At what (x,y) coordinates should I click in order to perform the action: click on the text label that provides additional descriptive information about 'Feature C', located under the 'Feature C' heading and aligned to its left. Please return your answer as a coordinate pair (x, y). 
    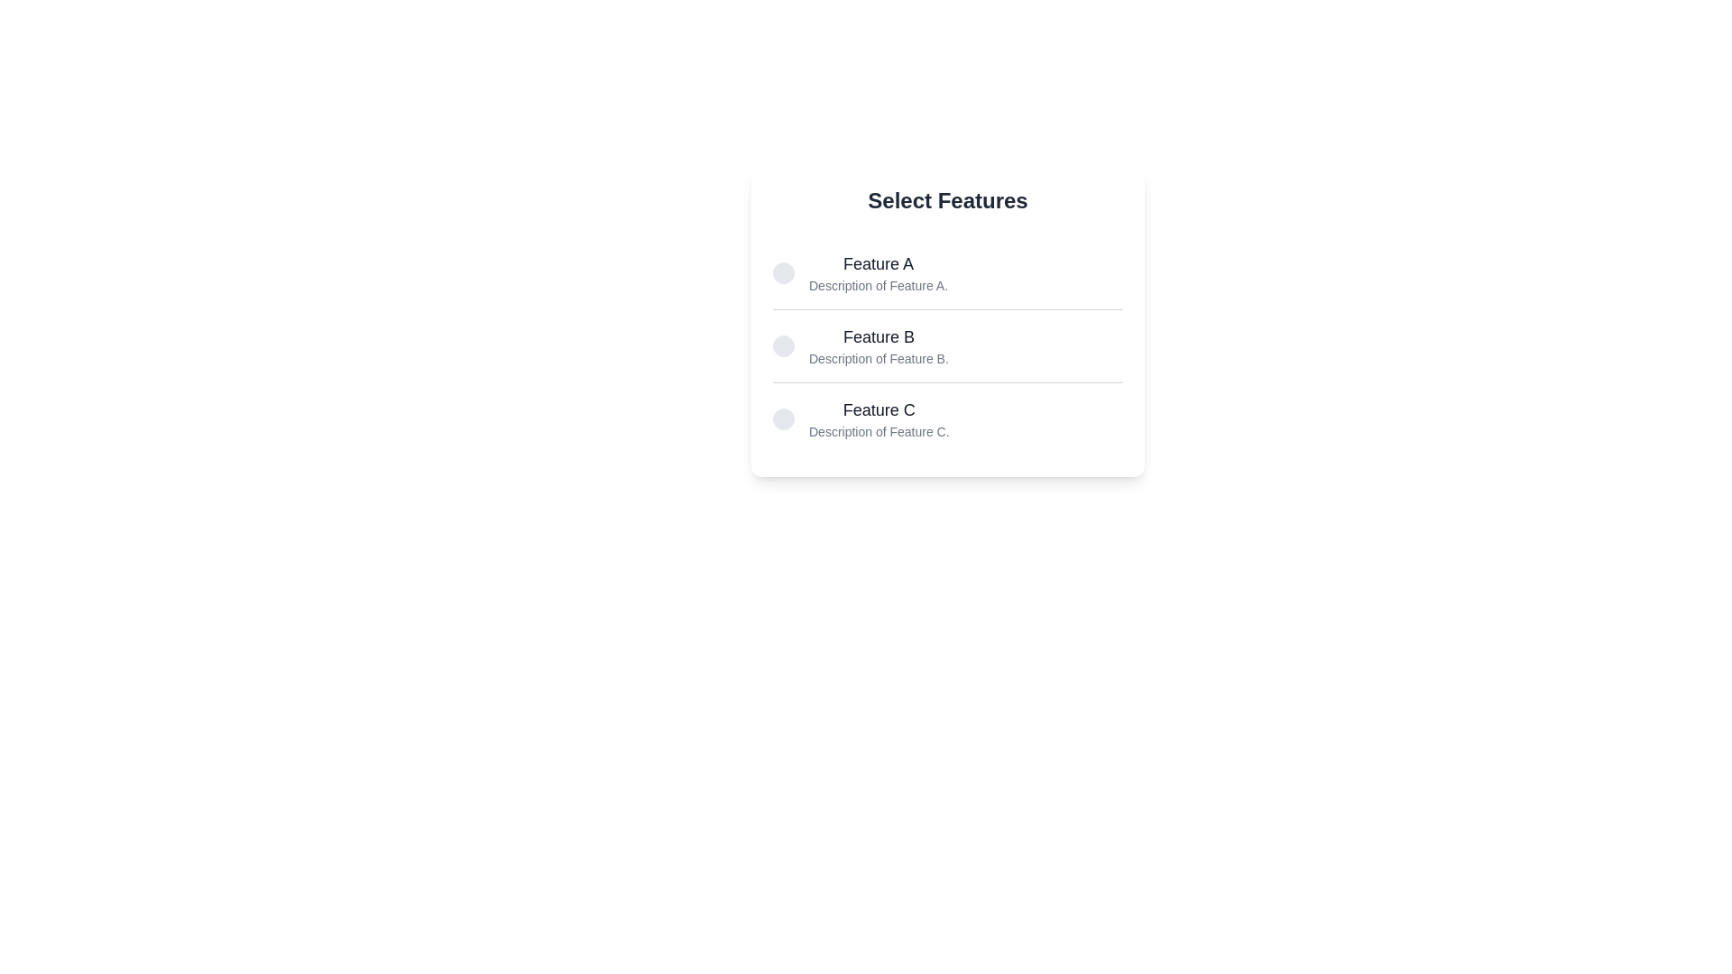
    Looking at the image, I should click on (879, 431).